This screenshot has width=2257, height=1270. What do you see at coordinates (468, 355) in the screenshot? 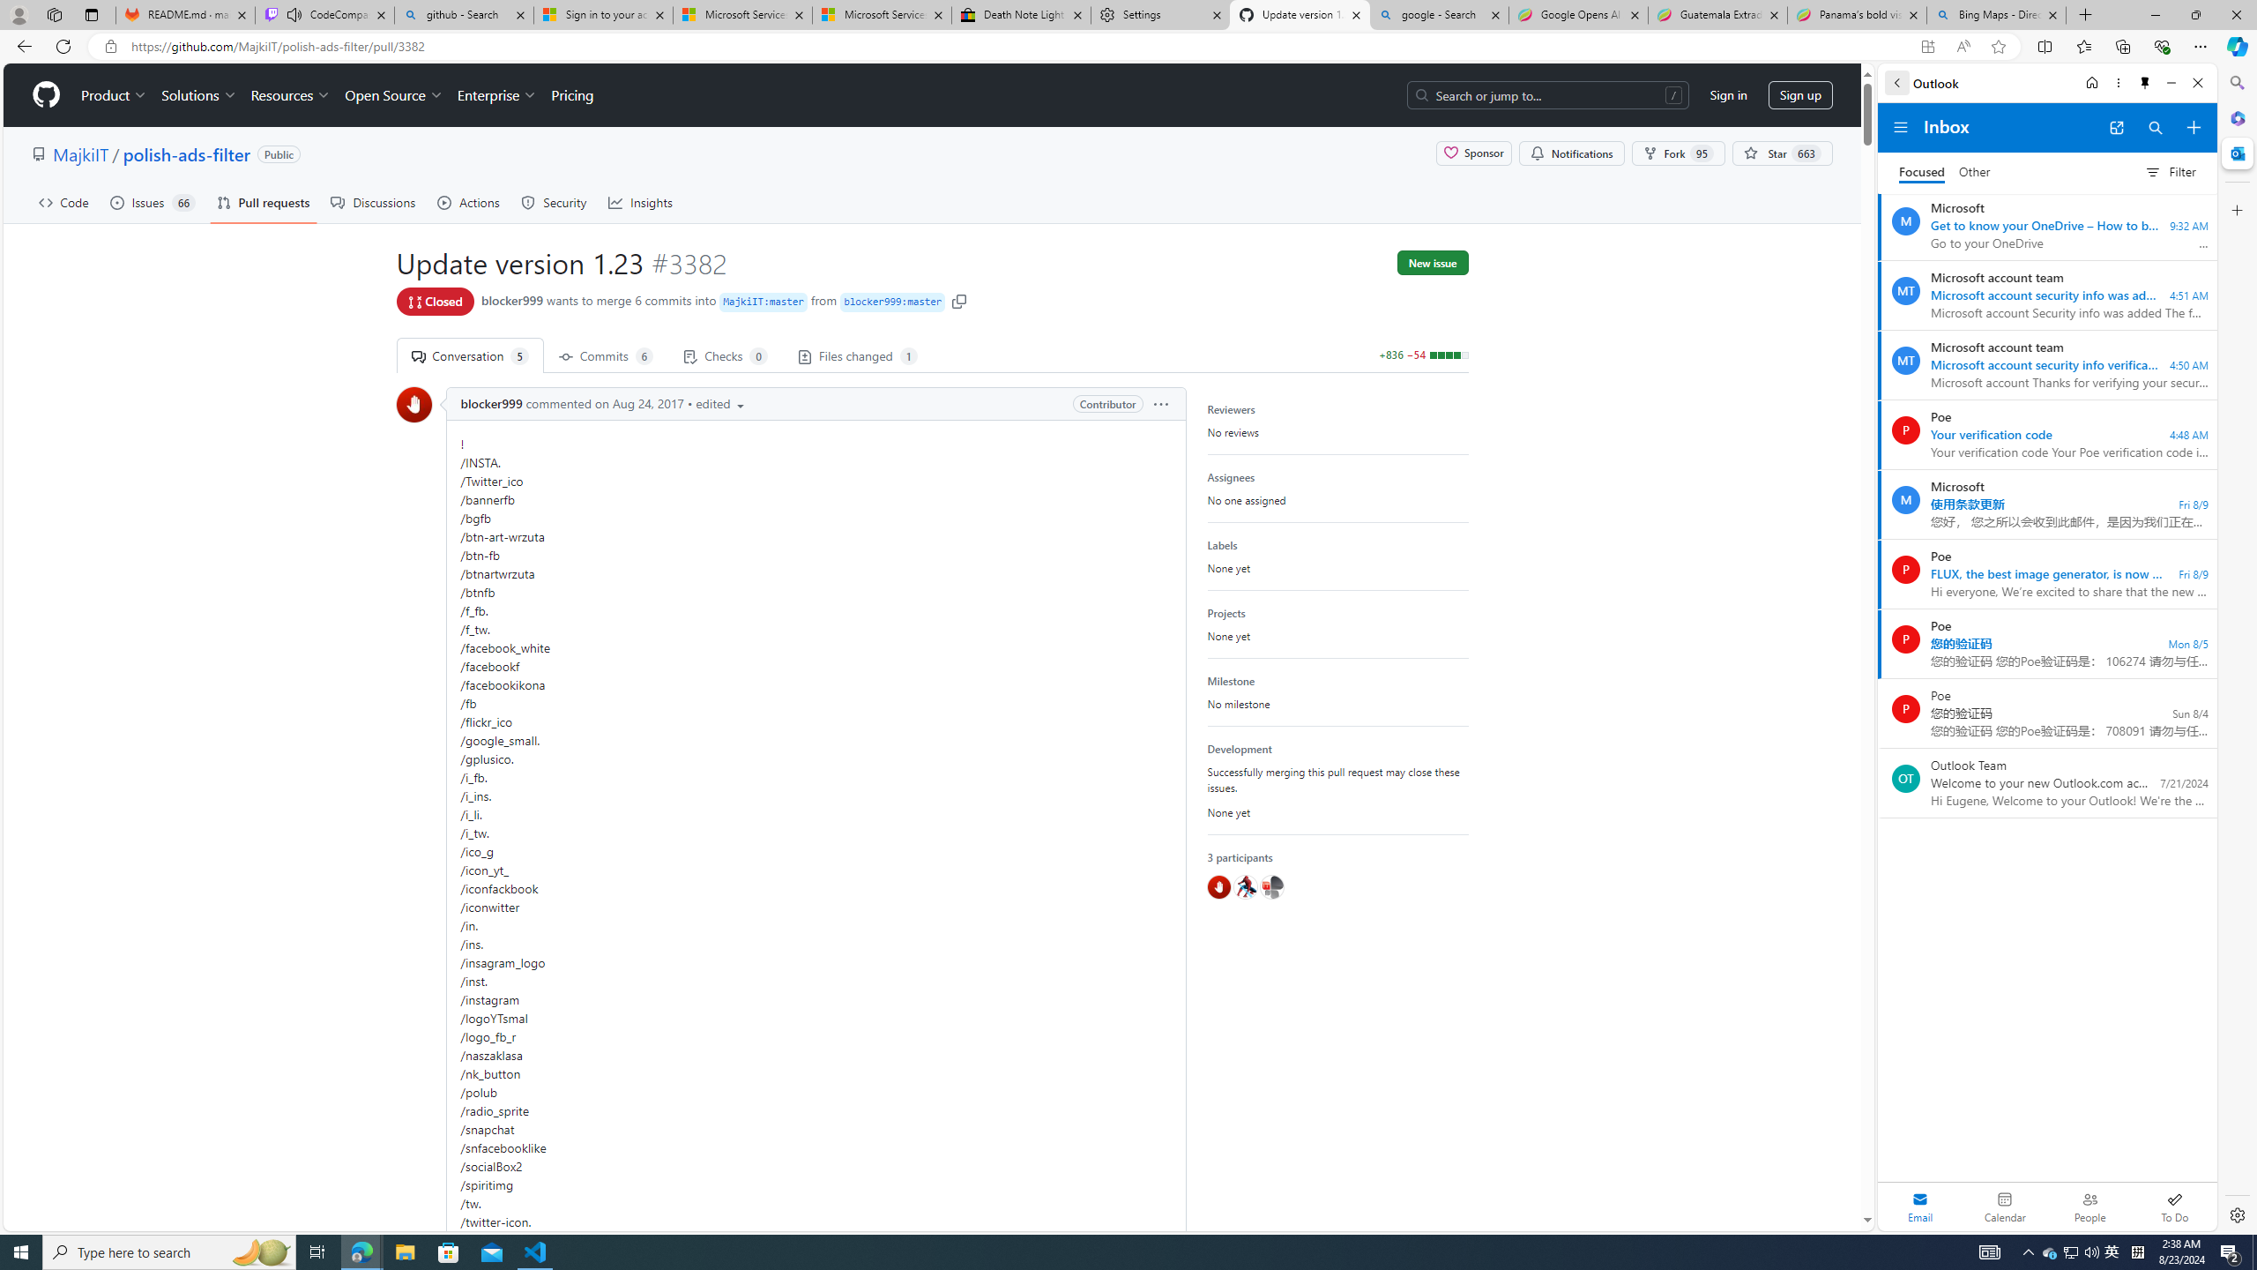
I see `' Conversation 5'` at bounding box center [468, 355].